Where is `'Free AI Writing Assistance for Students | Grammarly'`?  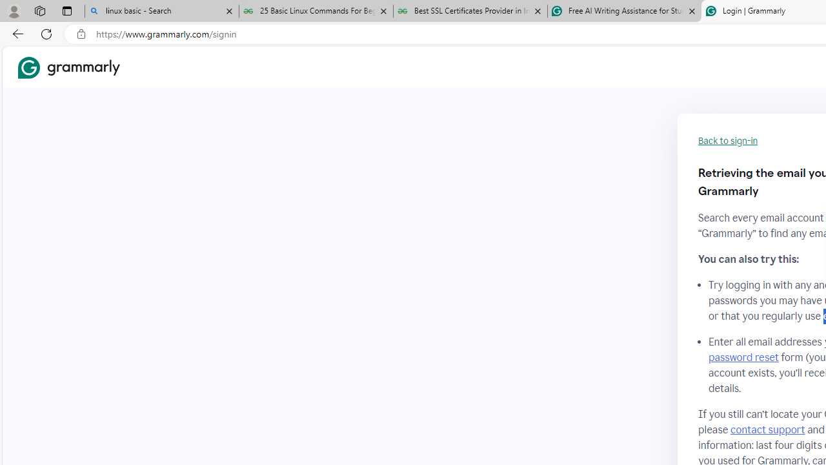
'Free AI Writing Assistance for Students | Grammarly' is located at coordinates (624, 11).